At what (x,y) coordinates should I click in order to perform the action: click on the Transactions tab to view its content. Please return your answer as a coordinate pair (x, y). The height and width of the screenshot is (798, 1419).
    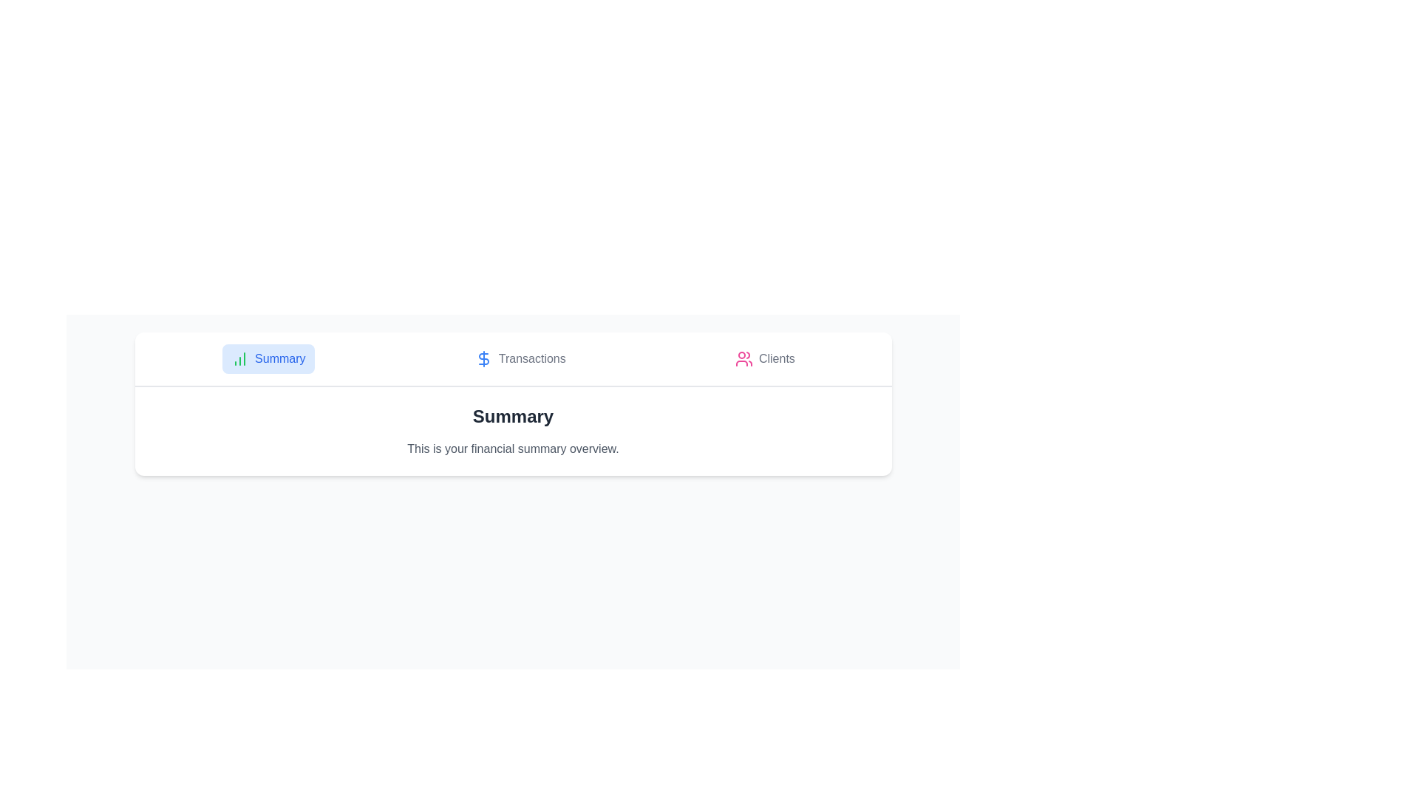
    Looking at the image, I should click on (520, 359).